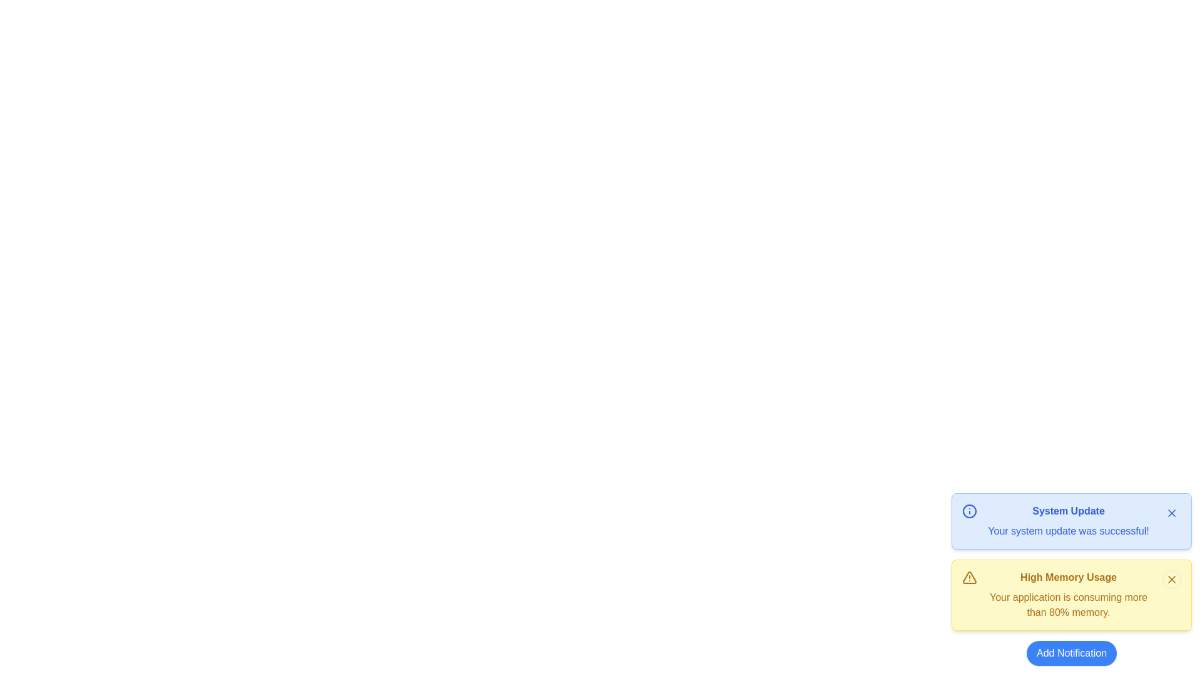 This screenshot has height=676, width=1202. What do you see at coordinates (1171, 579) in the screenshot?
I see `the Close button (X icon) located at the top right corner of the yellow notification box that states 'High Memory Usage'` at bounding box center [1171, 579].